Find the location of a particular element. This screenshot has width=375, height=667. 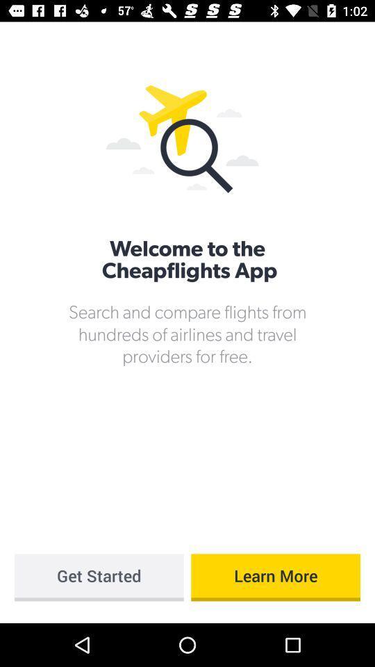

item at the bottom left corner is located at coordinates (98, 577).